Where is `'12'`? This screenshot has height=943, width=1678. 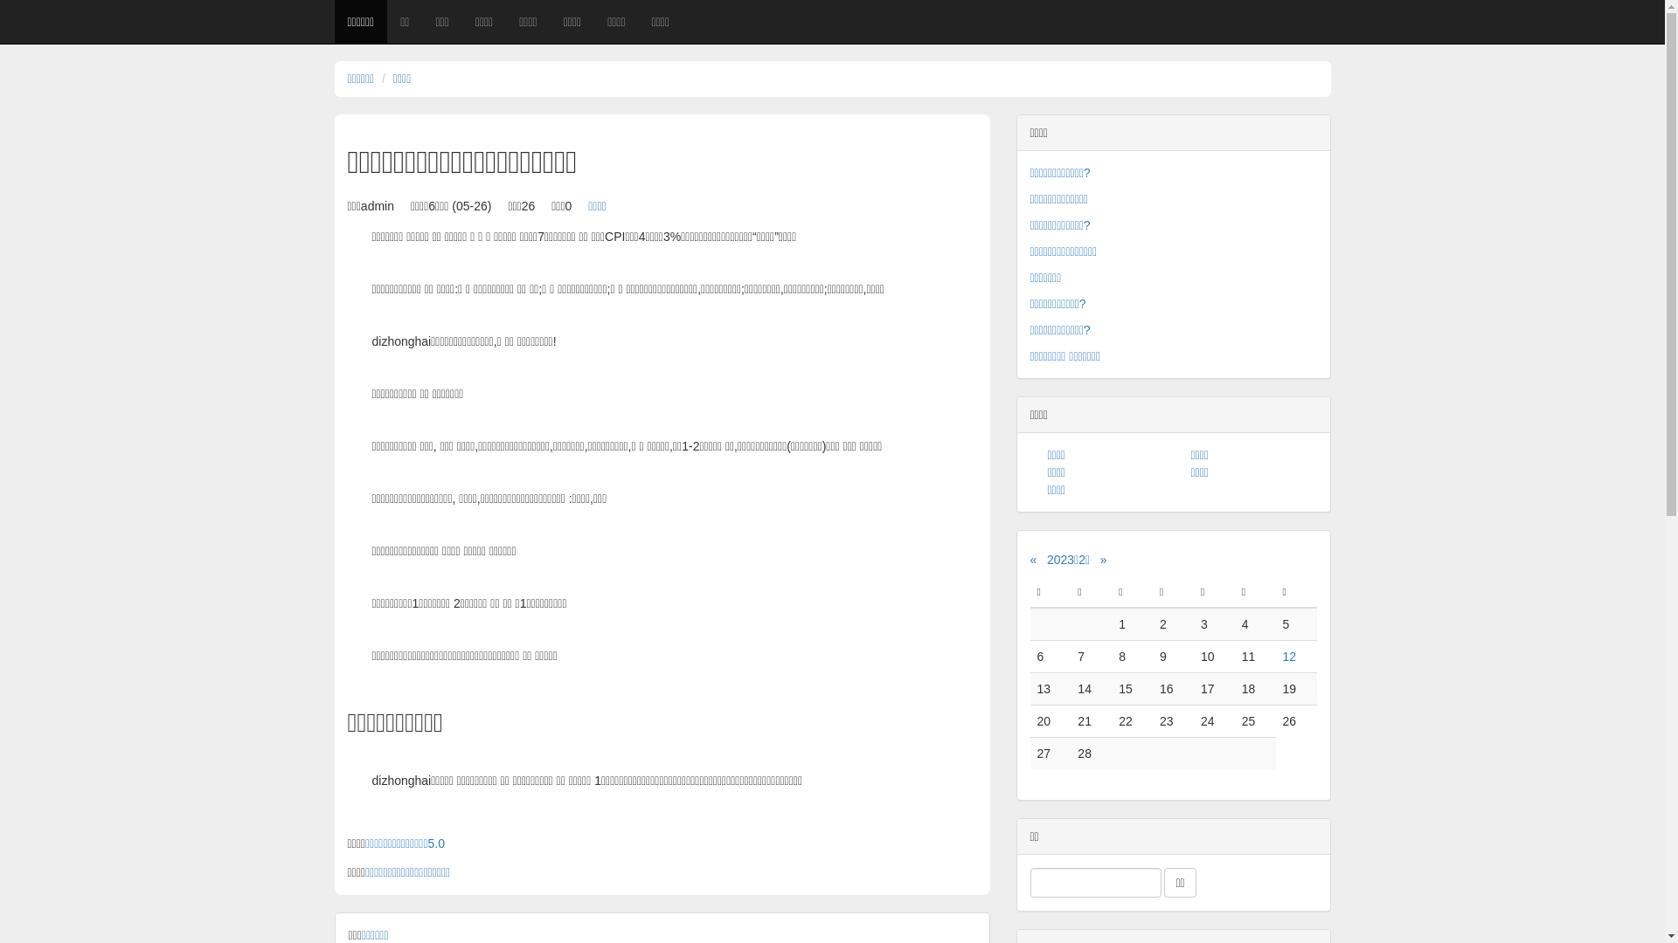
'12' is located at coordinates (1290, 657).